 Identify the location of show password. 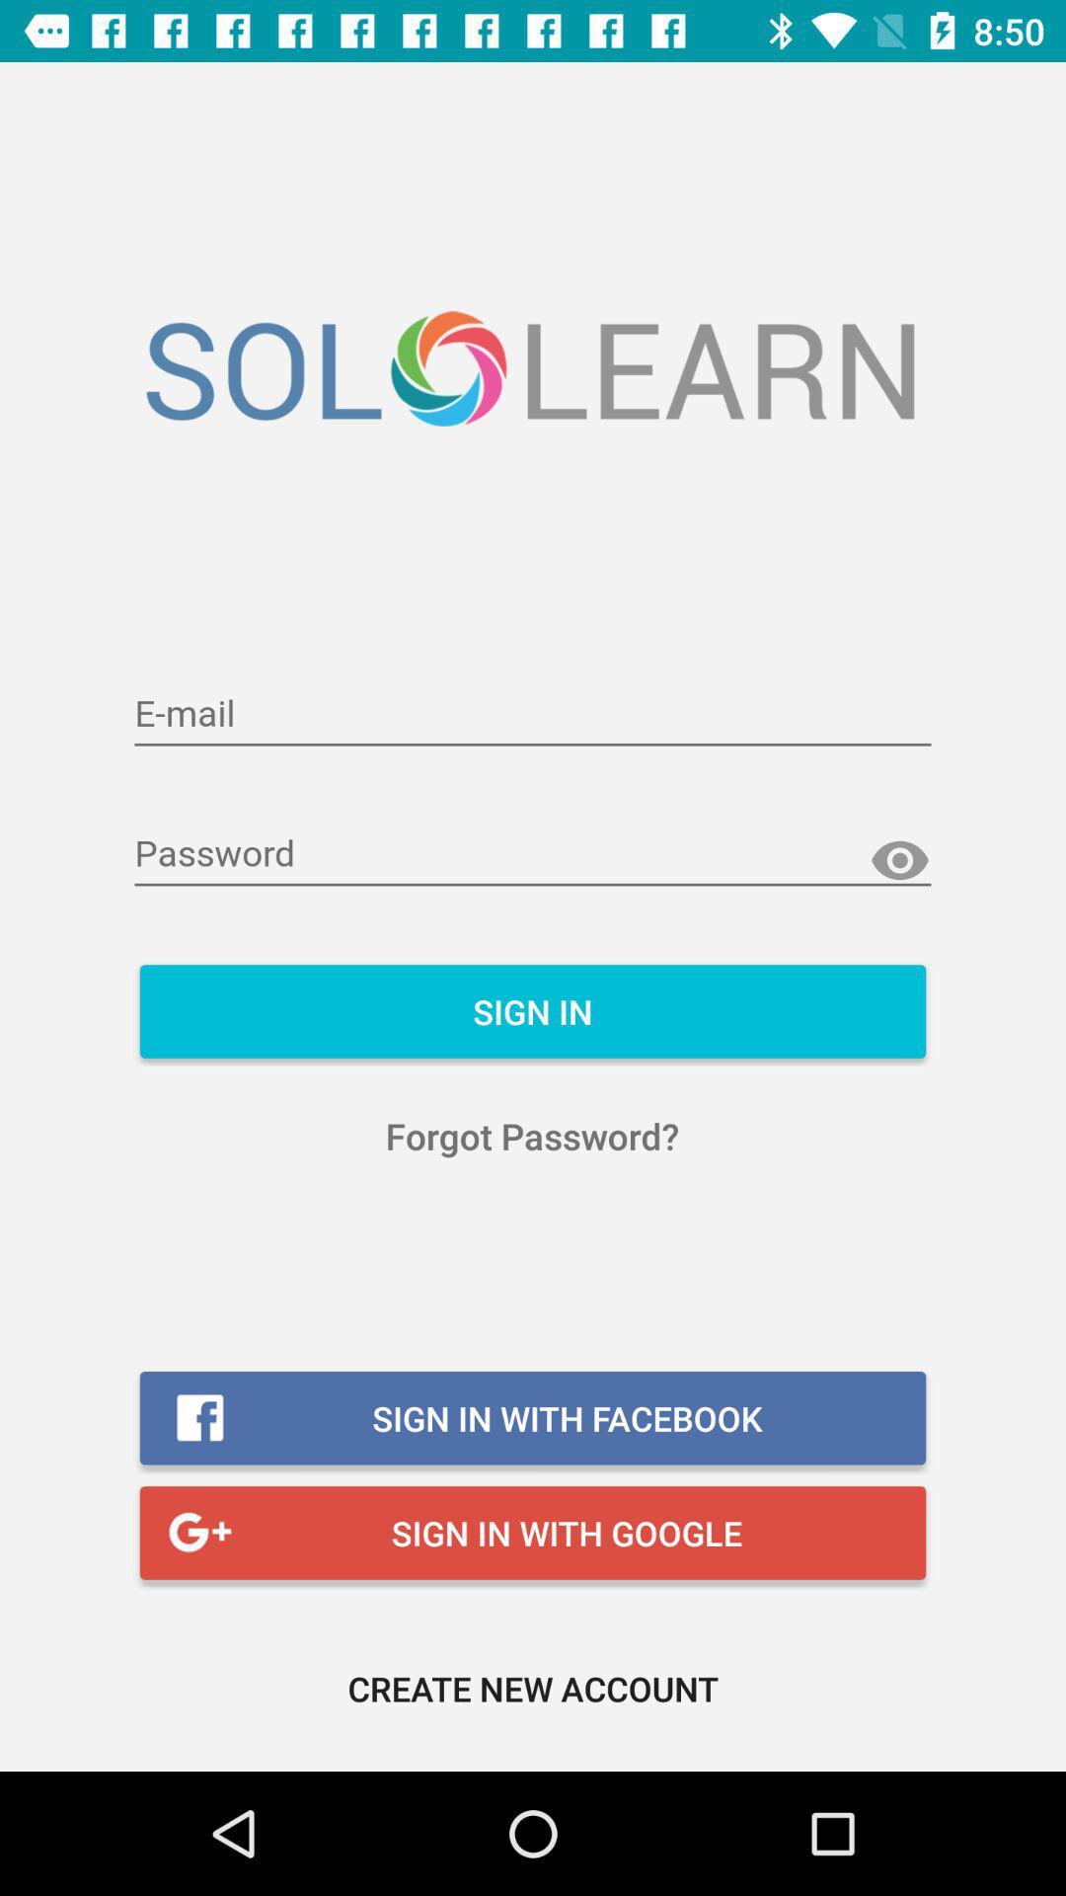
(899, 861).